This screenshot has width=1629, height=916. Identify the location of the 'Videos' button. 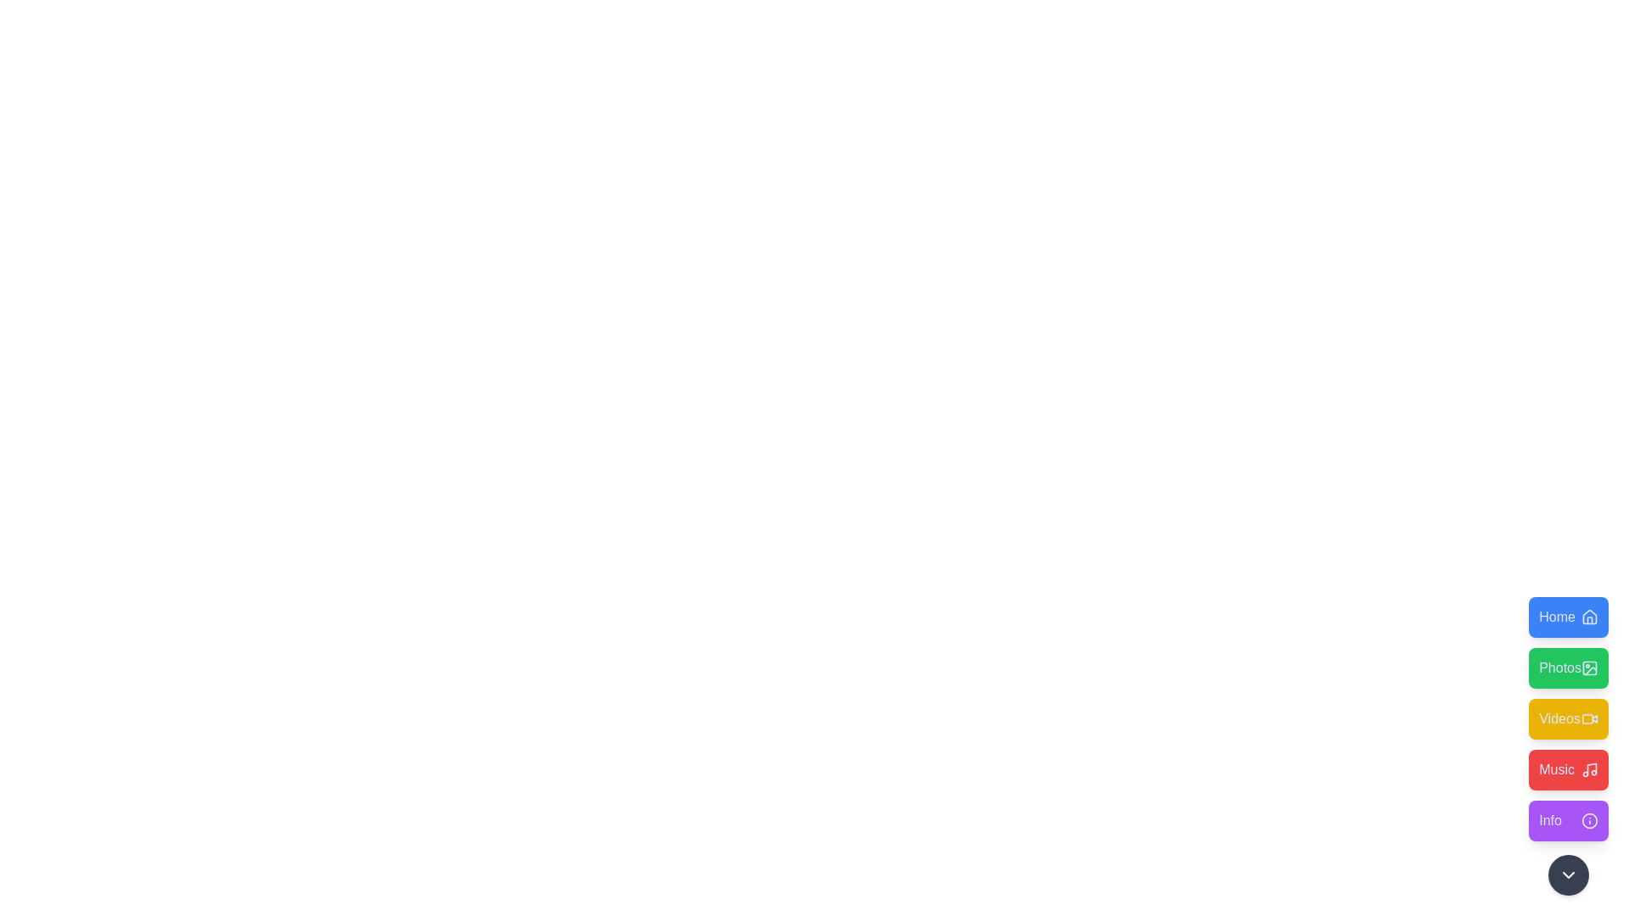
(1567, 719).